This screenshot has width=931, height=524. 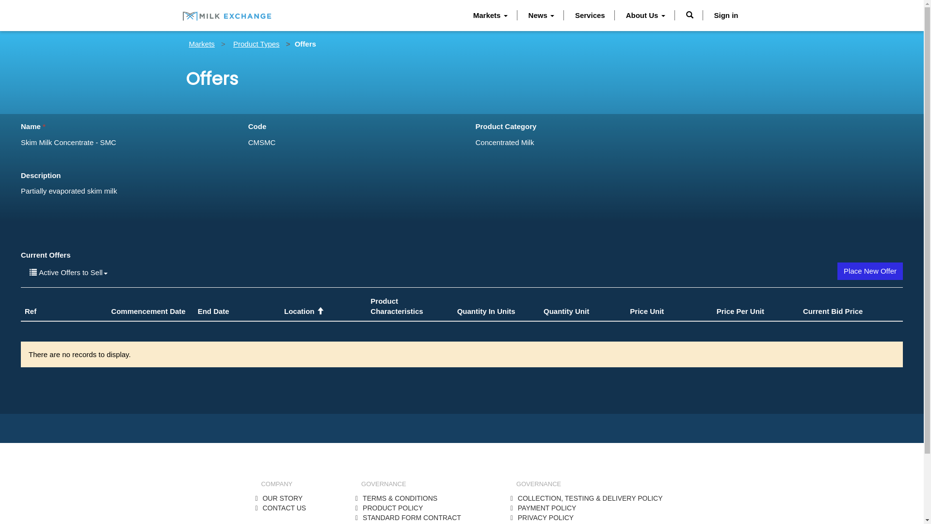 I want to click on 'Services', so click(x=590, y=15).